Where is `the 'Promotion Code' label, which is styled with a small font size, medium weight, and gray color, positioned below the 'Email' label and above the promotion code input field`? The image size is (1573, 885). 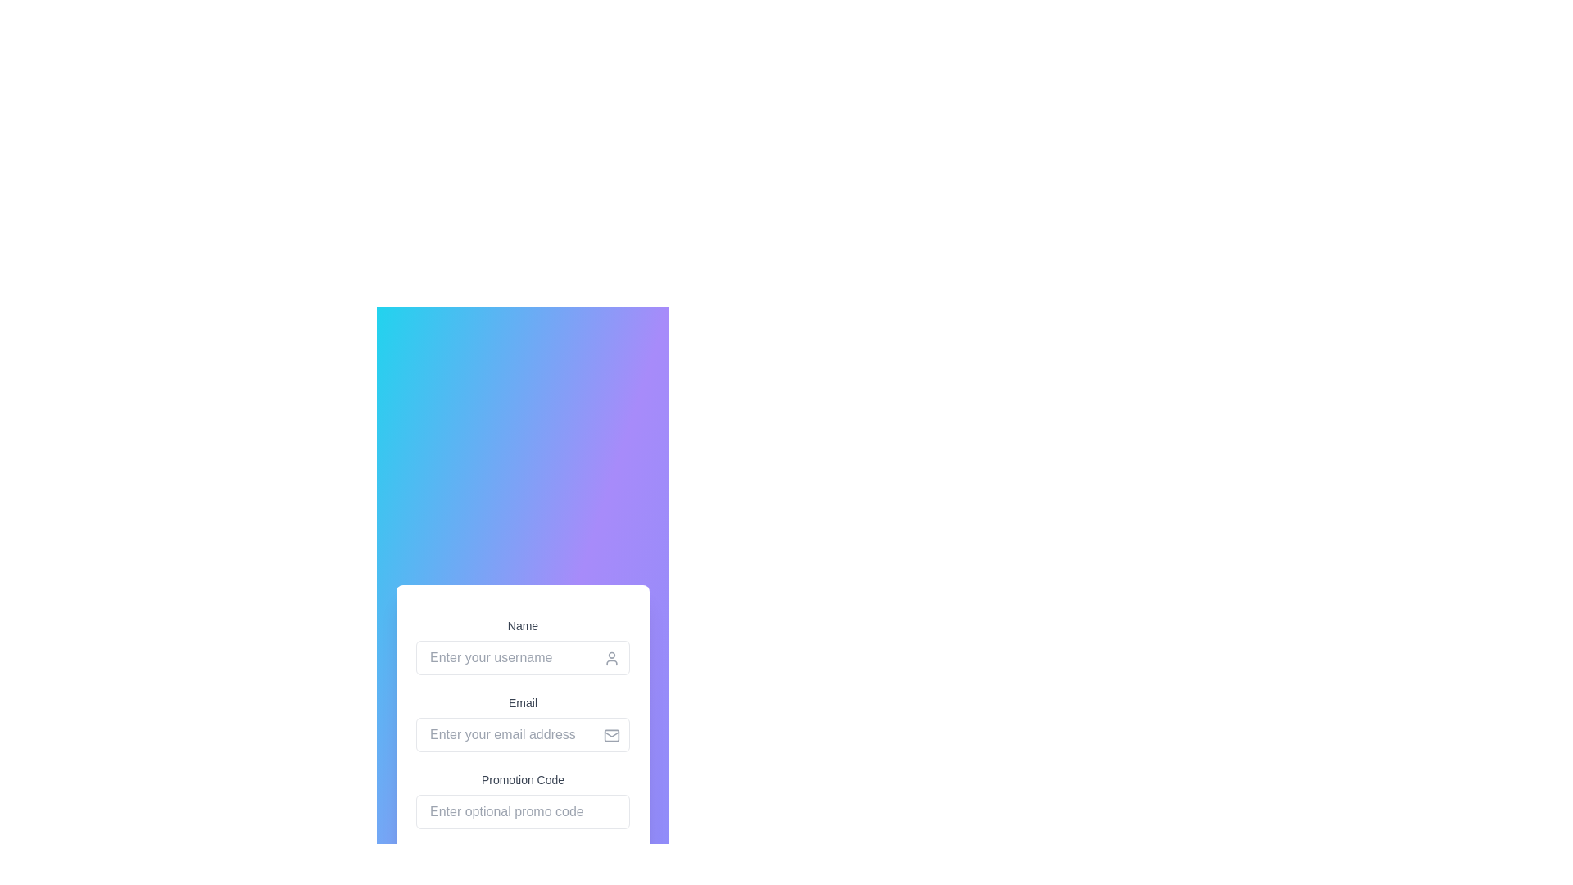
the 'Promotion Code' label, which is styled with a small font size, medium weight, and gray color, positioned below the 'Email' label and above the promotion code input field is located at coordinates (522, 779).